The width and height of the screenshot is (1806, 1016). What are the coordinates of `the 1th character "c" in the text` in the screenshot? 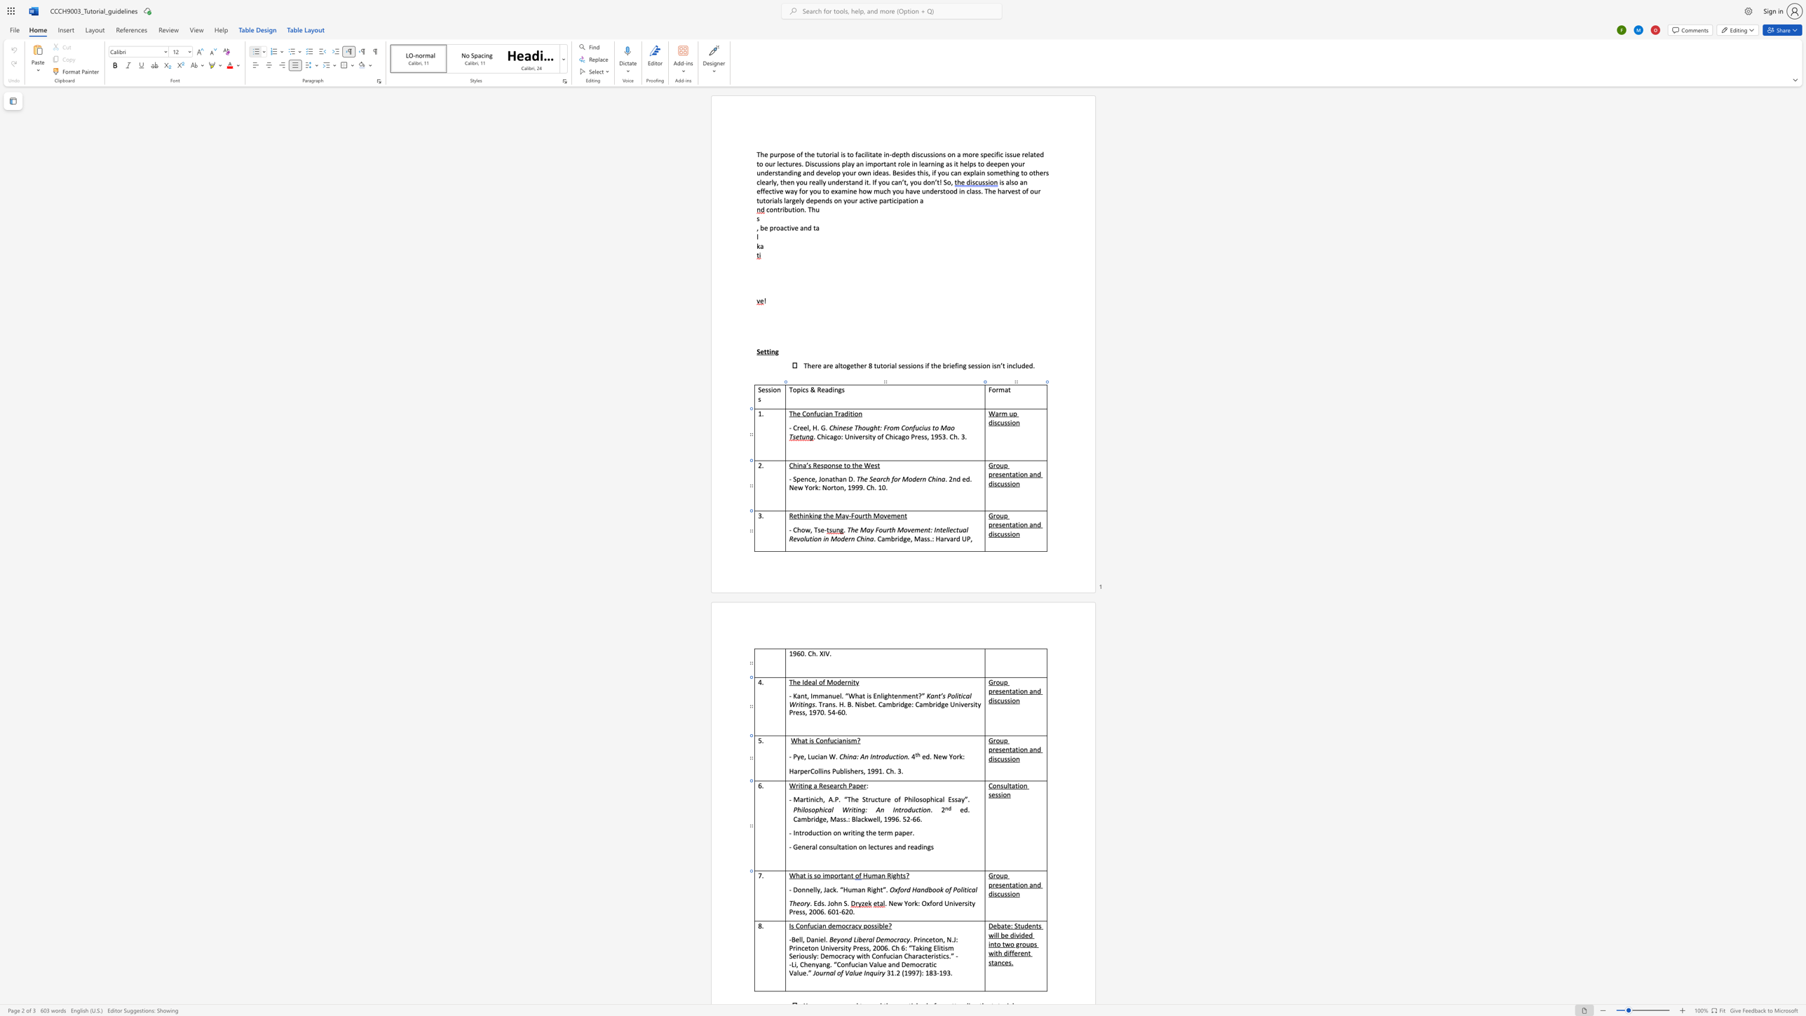 It's located at (841, 785).